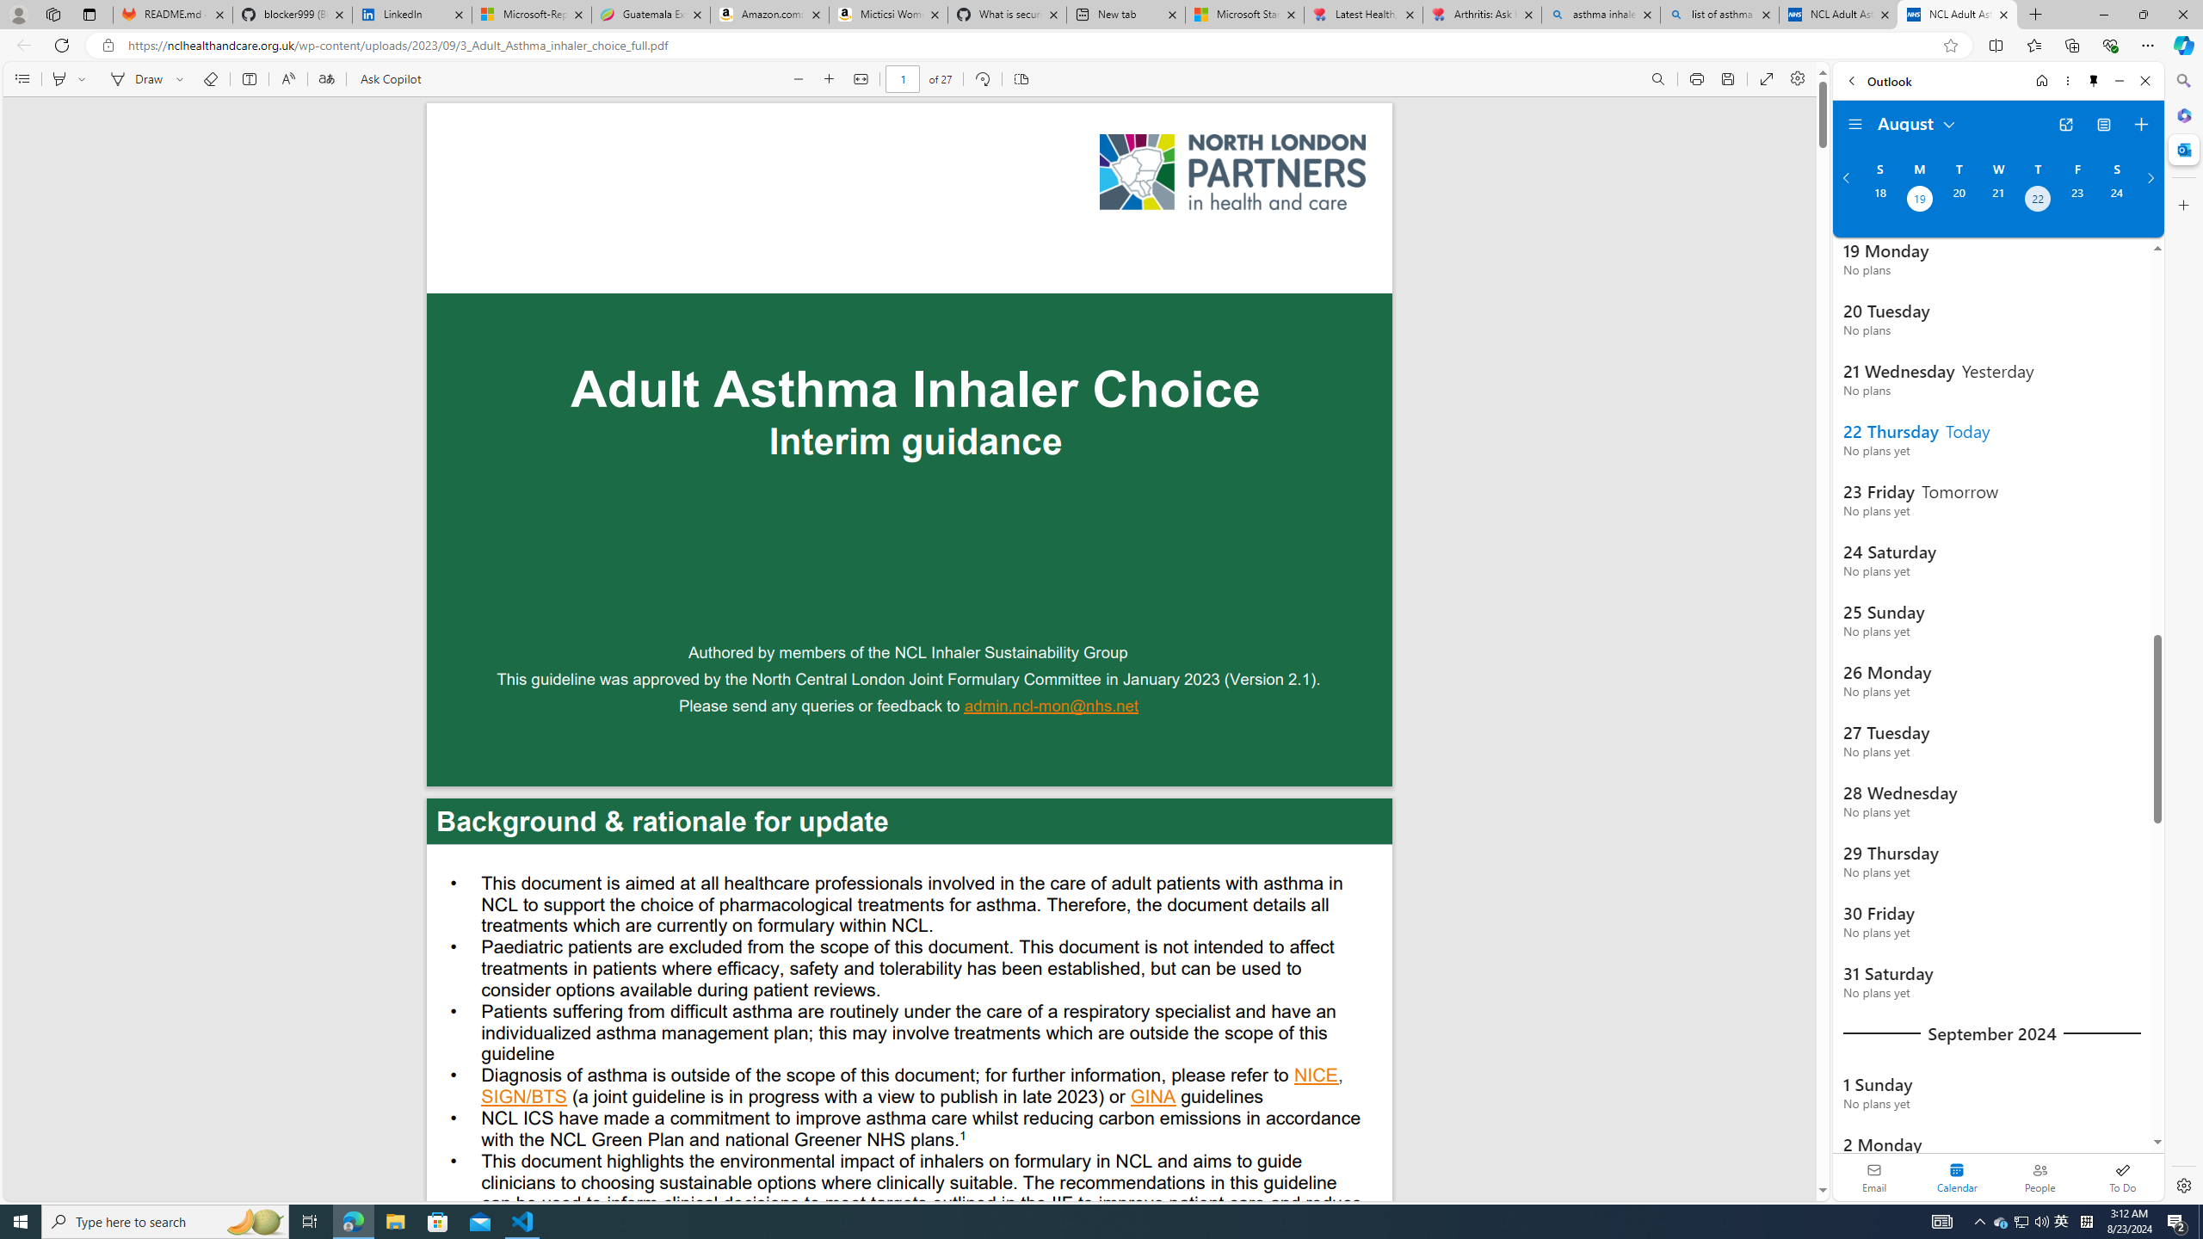 Image resolution: width=2203 pixels, height=1239 pixels. Describe the element at coordinates (325, 78) in the screenshot. I see `'Translate'` at that location.